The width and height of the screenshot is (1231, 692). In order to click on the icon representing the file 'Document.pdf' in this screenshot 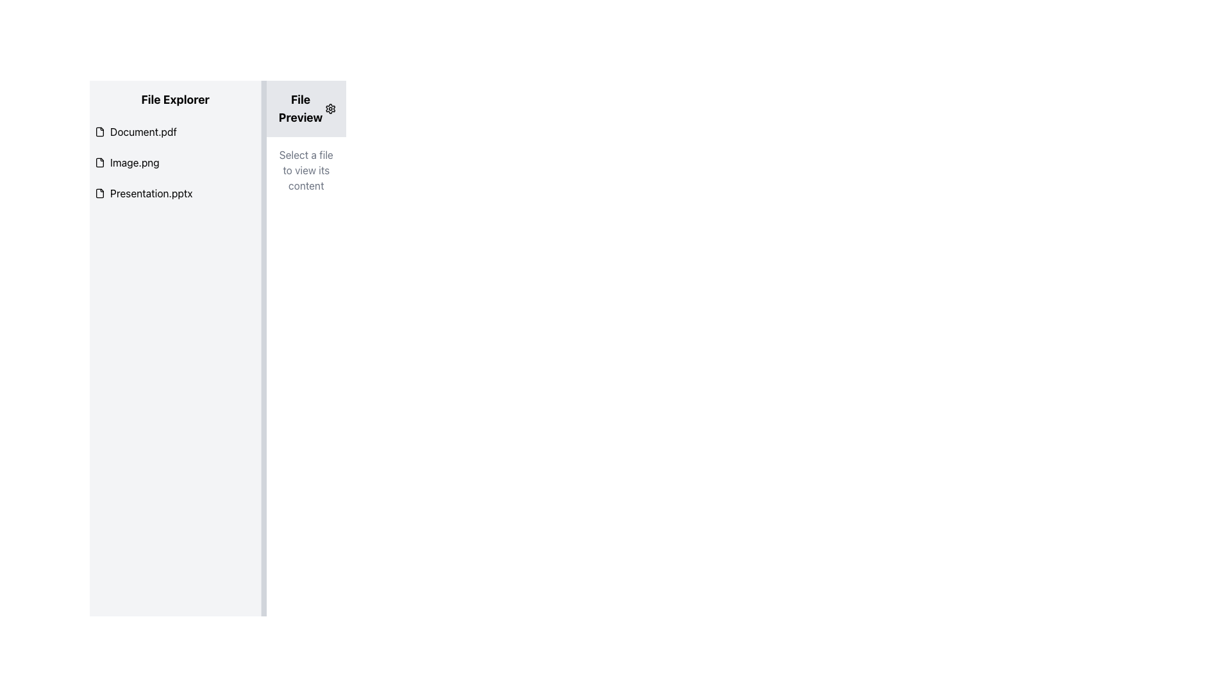, I will do `click(99, 131)`.